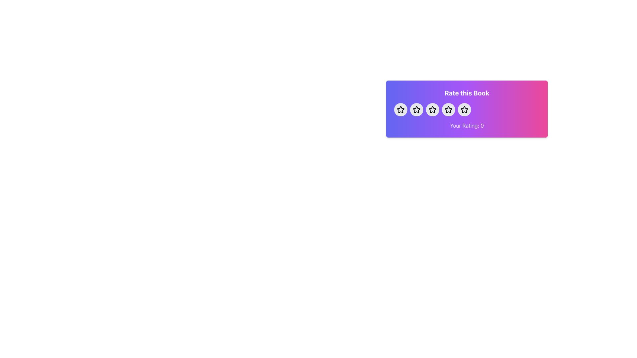 The image size is (637, 358). Describe the element at coordinates (449, 109) in the screenshot. I see `the fourth star icon in the rating row within the 'Rate this Book' card` at that location.